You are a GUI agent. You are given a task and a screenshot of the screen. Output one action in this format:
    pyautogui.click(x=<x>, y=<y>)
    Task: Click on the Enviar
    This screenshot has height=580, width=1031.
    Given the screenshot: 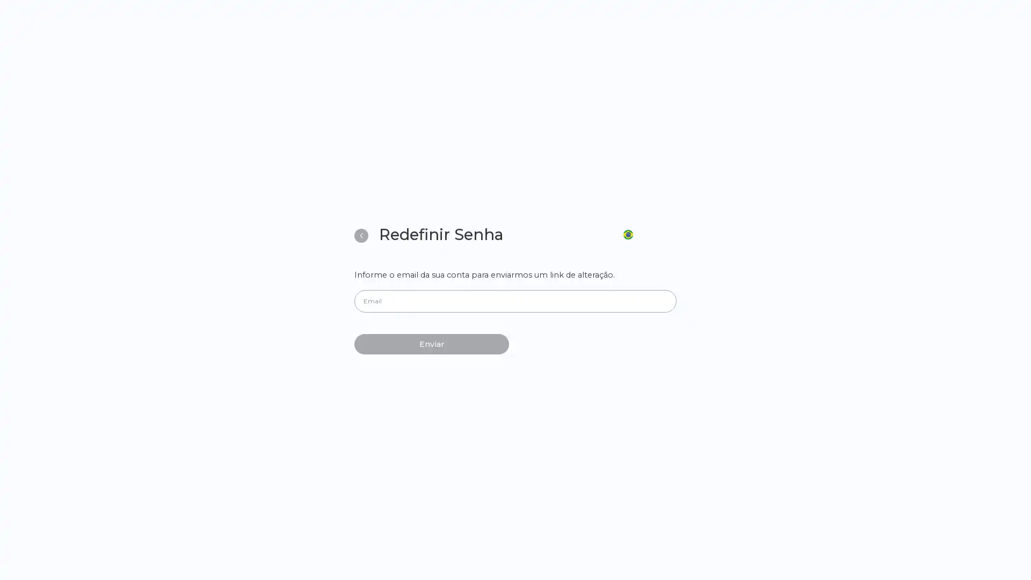 What is the action you would take?
    pyautogui.click(x=432, y=344)
    